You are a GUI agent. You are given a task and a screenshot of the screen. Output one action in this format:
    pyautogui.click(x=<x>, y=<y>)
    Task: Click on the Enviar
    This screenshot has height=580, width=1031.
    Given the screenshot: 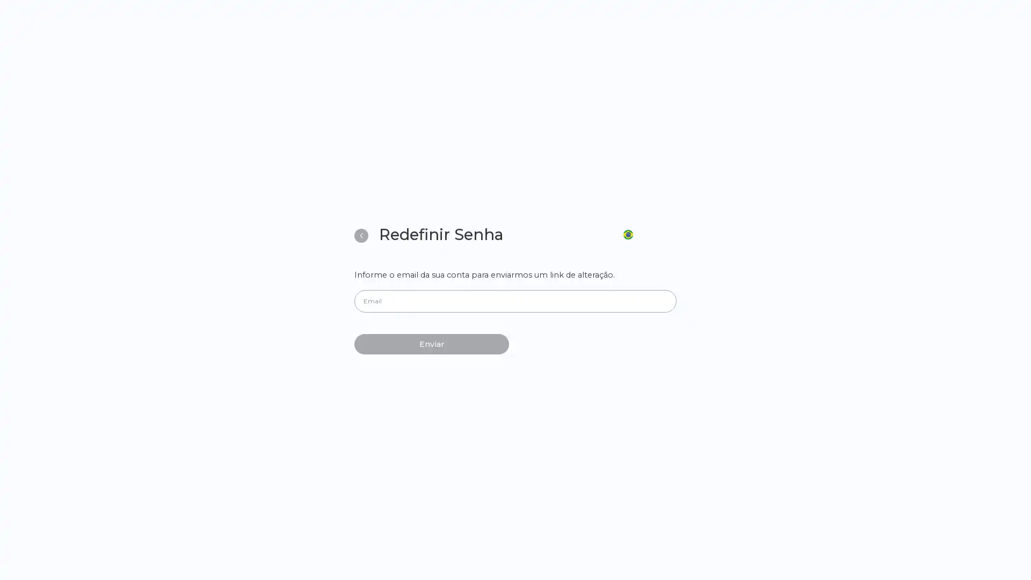 What is the action you would take?
    pyautogui.click(x=432, y=344)
    